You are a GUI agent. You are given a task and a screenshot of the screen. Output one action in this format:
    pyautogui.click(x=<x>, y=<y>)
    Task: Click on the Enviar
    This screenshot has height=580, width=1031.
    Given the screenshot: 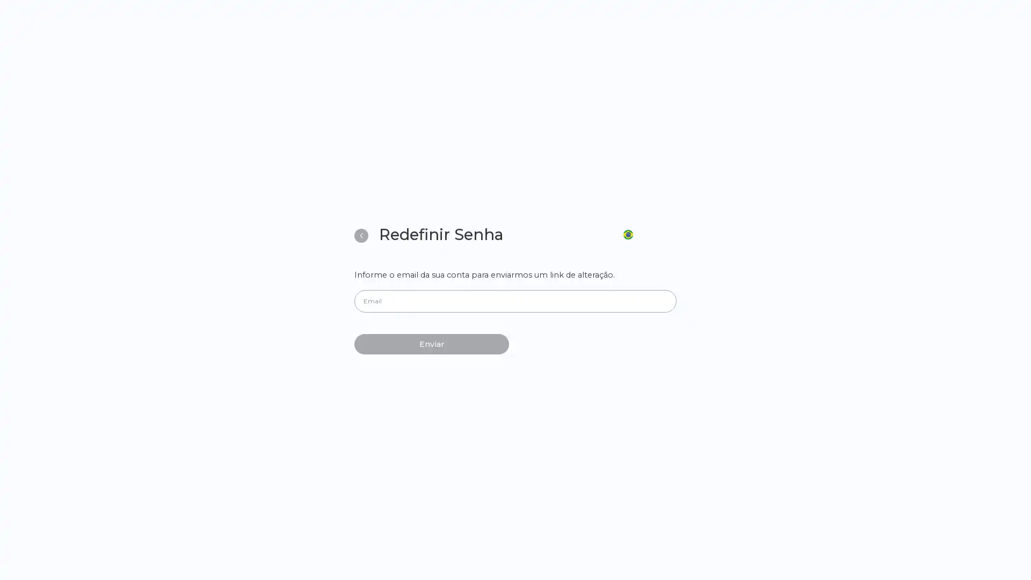 What is the action you would take?
    pyautogui.click(x=432, y=344)
    